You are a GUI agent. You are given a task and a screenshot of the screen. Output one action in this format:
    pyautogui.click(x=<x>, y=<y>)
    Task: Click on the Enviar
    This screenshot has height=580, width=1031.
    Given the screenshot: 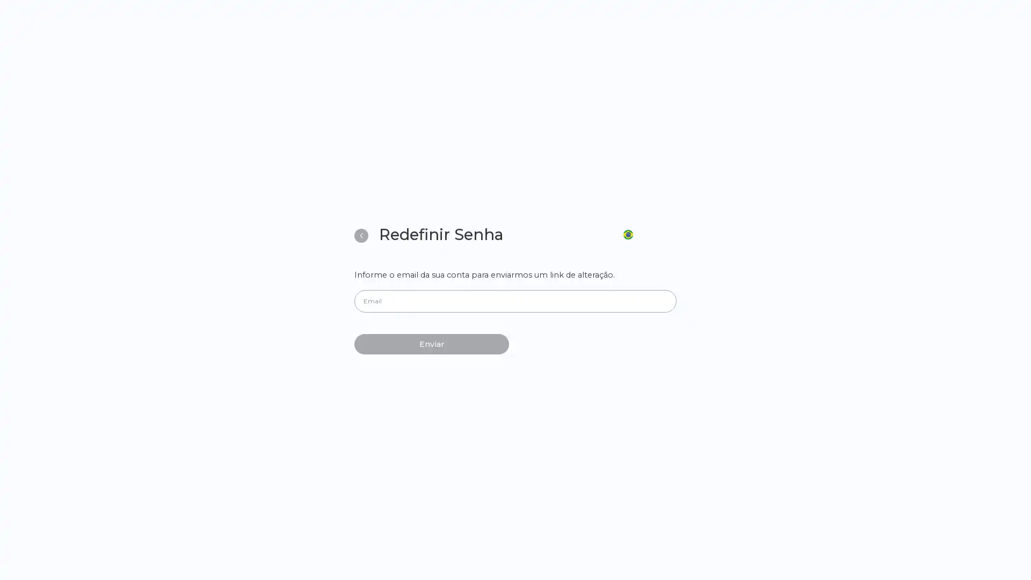 What is the action you would take?
    pyautogui.click(x=432, y=344)
    